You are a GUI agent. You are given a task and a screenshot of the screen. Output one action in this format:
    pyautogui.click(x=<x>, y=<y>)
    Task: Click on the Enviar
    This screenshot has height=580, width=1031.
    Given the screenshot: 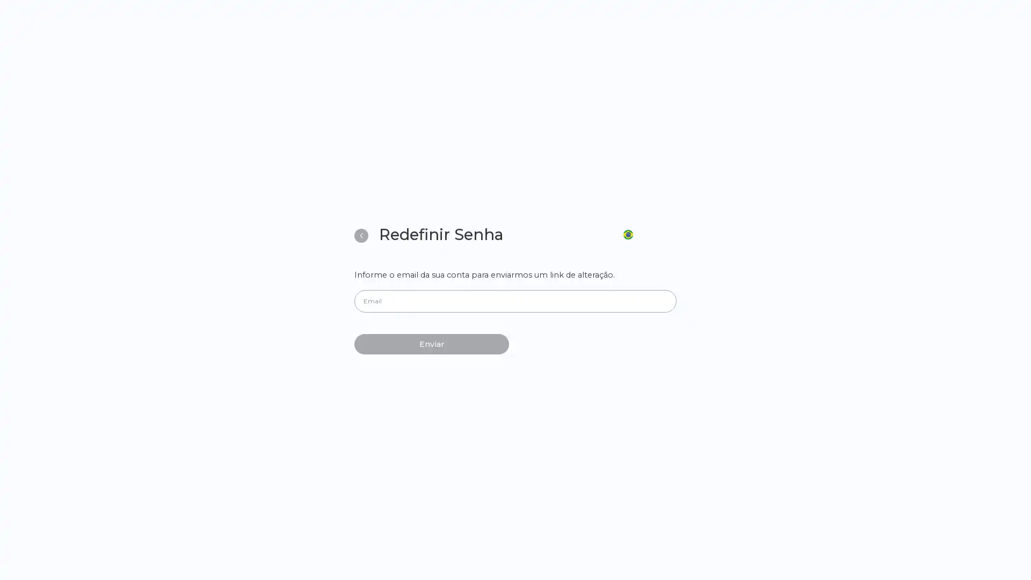 What is the action you would take?
    pyautogui.click(x=432, y=344)
    